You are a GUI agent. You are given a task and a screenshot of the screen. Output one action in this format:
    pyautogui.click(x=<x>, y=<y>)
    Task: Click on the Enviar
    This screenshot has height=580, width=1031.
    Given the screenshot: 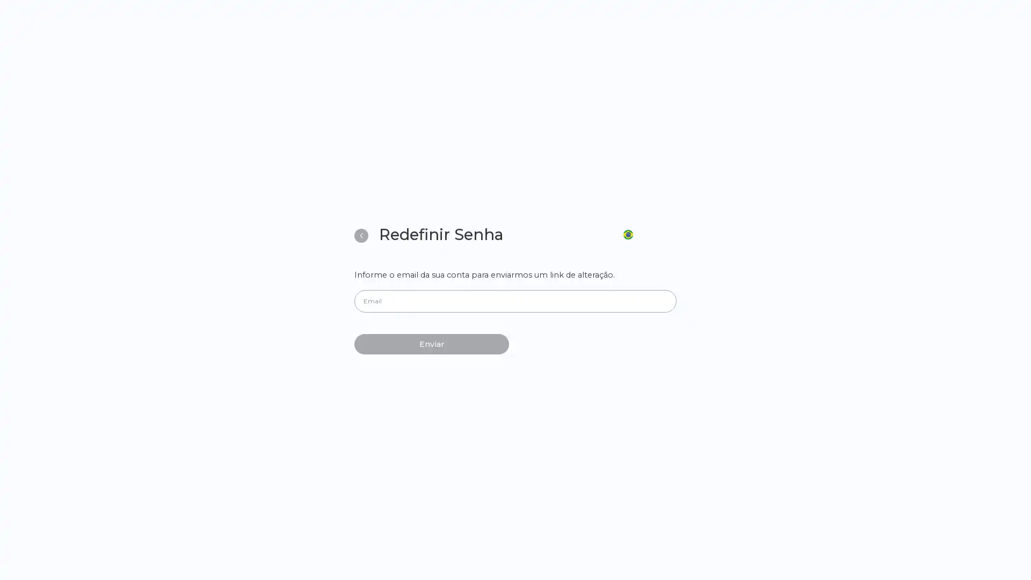 What is the action you would take?
    pyautogui.click(x=432, y=344)
    